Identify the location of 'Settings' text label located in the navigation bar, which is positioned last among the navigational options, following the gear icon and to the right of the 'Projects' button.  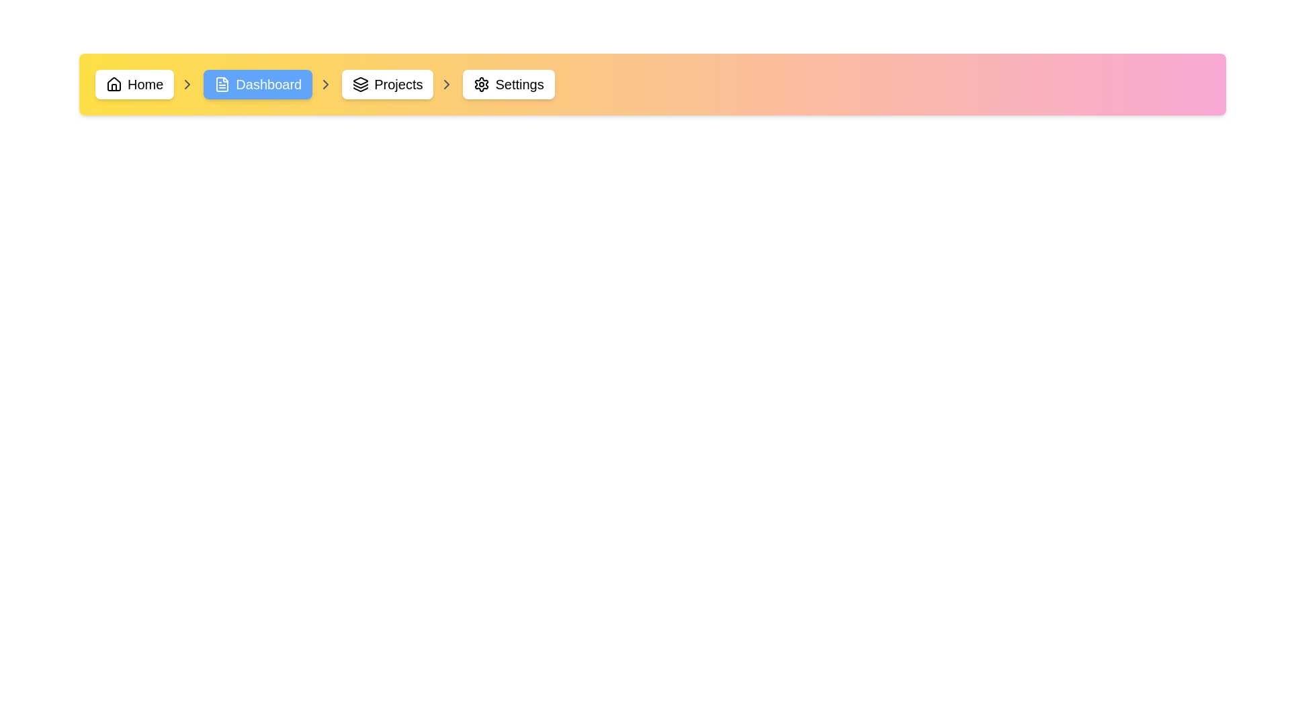
(519, 85).